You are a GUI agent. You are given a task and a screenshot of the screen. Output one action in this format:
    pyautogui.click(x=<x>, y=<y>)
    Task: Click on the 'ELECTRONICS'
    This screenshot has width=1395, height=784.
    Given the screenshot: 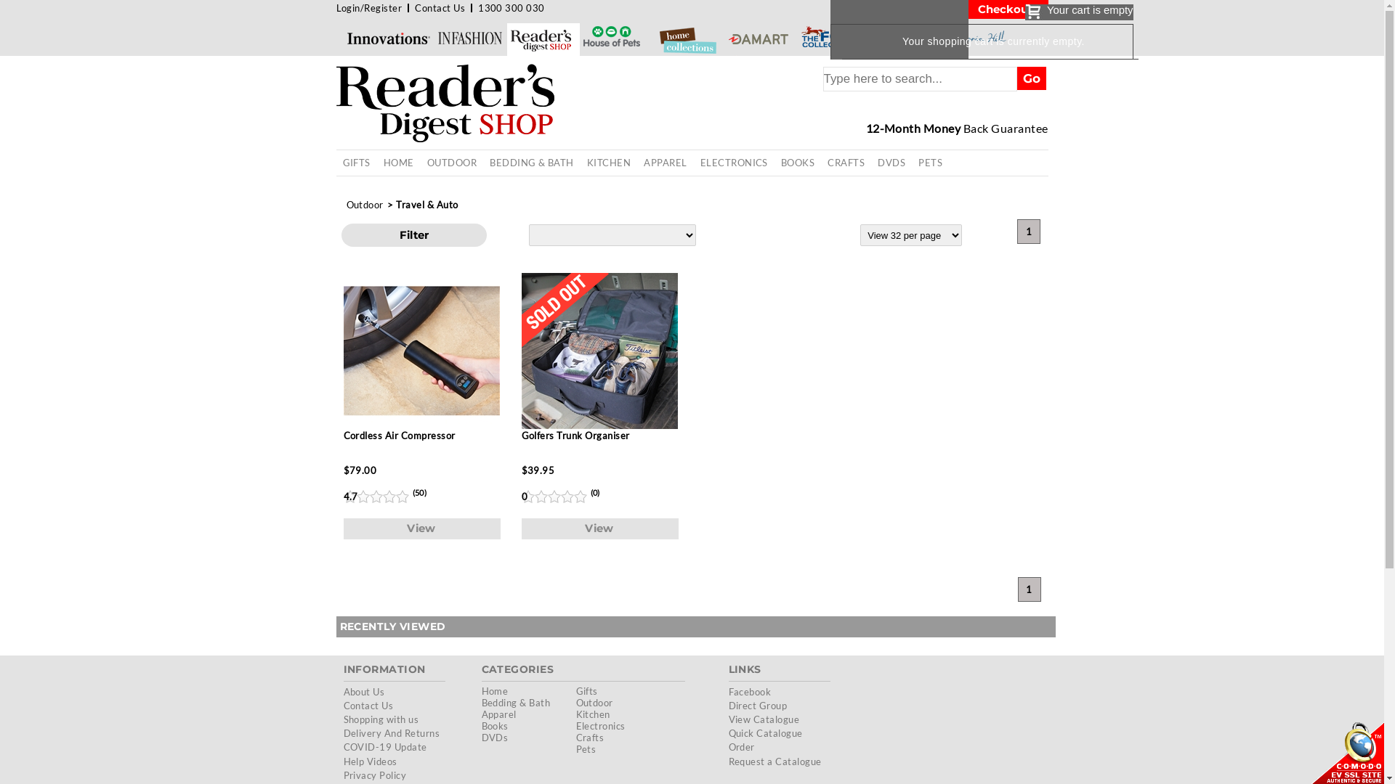 What is the action you would take?
    pyautogui.click(x=734, y=163)
    